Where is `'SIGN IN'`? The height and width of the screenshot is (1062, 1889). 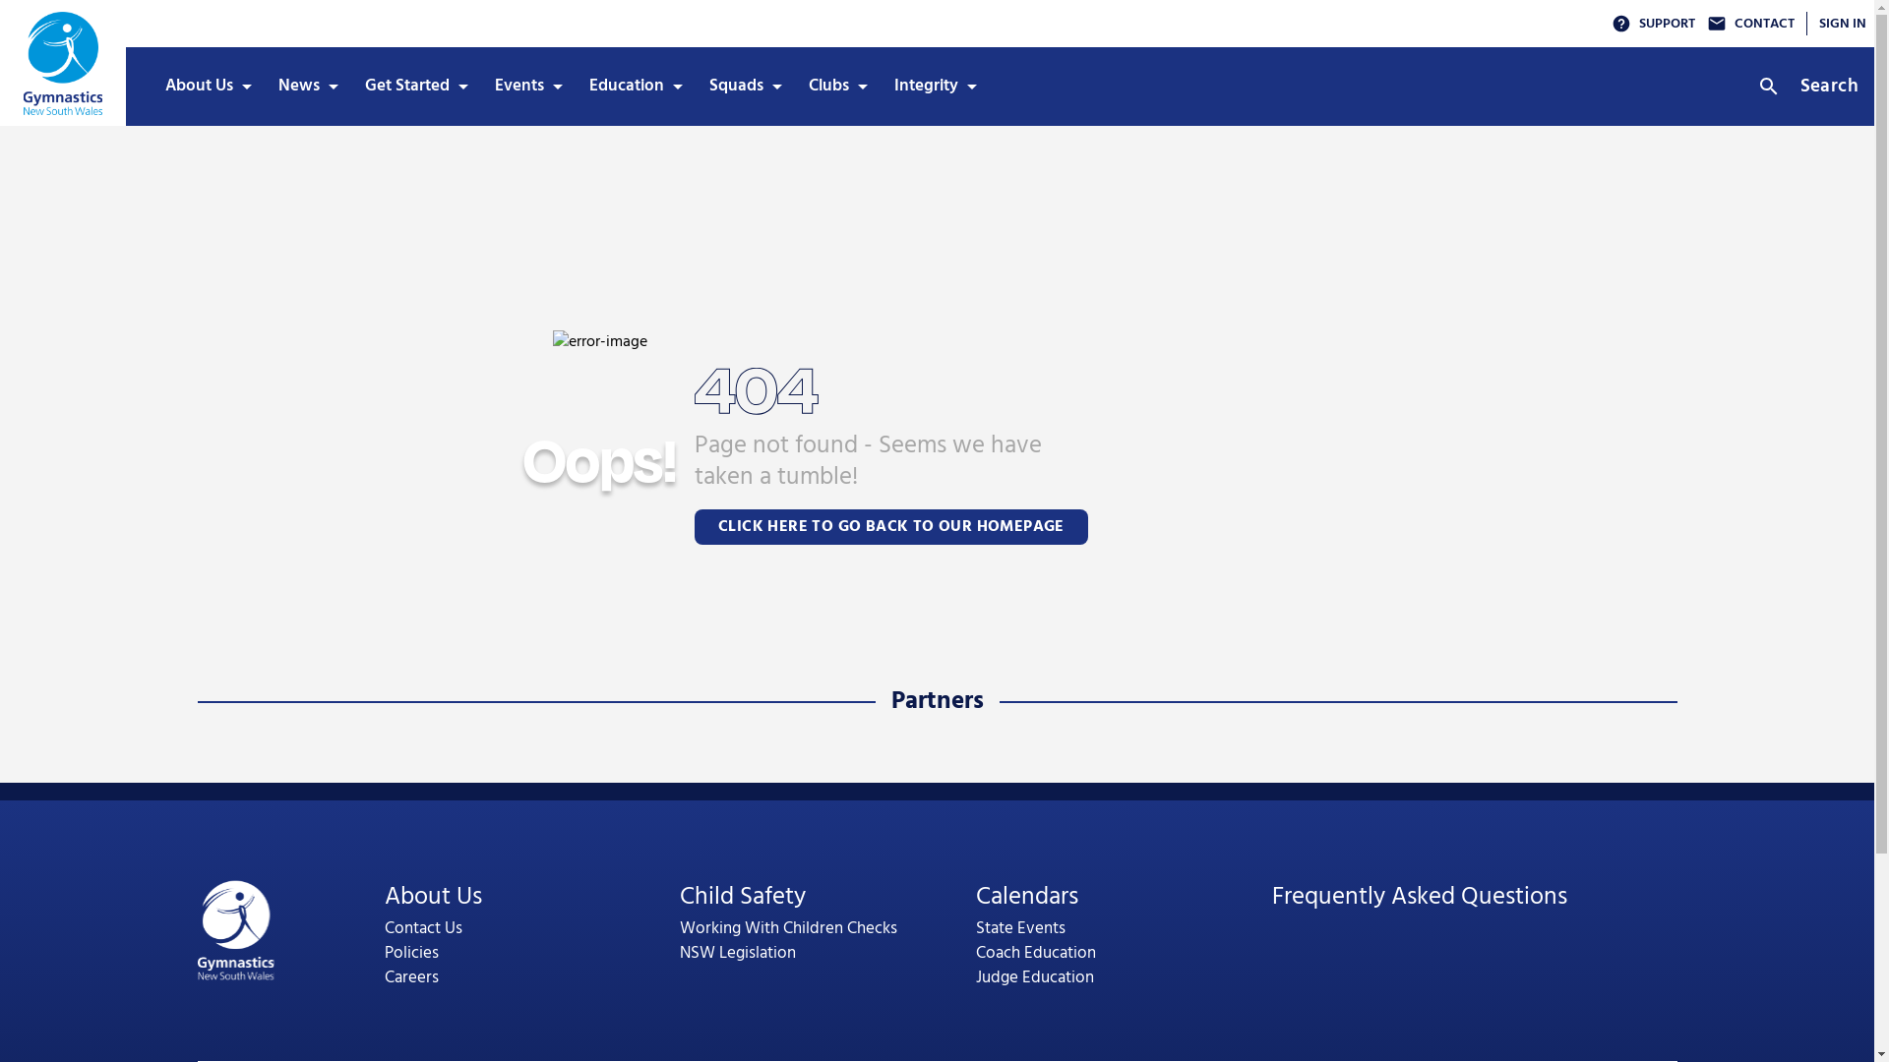 'SIGN IN' is located at coordinates (1817, 23).